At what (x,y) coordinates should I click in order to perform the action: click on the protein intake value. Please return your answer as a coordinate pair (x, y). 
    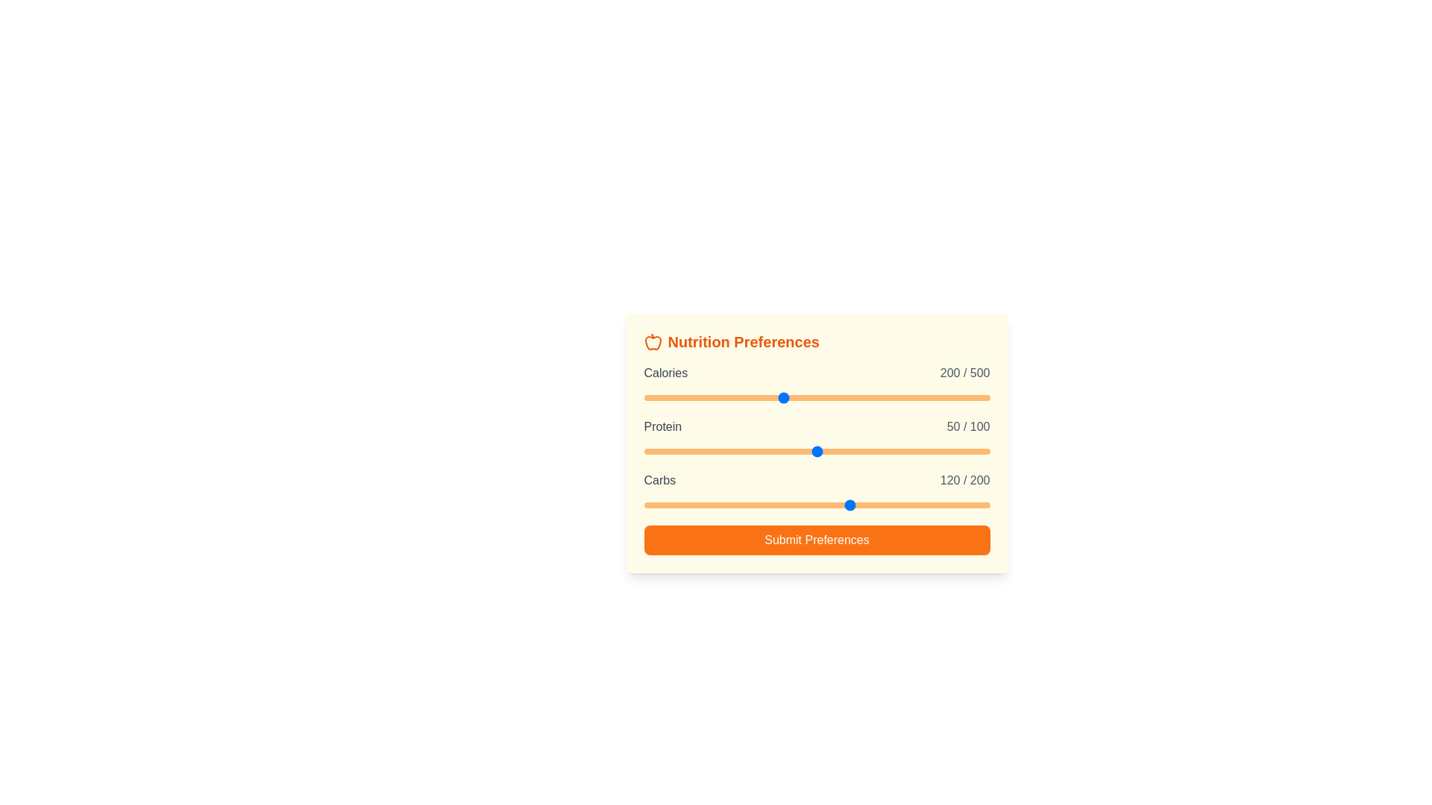
    Looking at the image, I should click on (747, 450).